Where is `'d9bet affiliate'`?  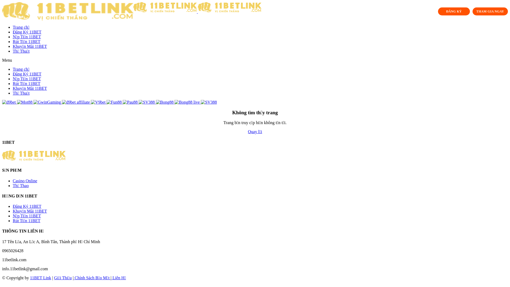 'd9bet affiliate' is located at coordinates (76, 102).